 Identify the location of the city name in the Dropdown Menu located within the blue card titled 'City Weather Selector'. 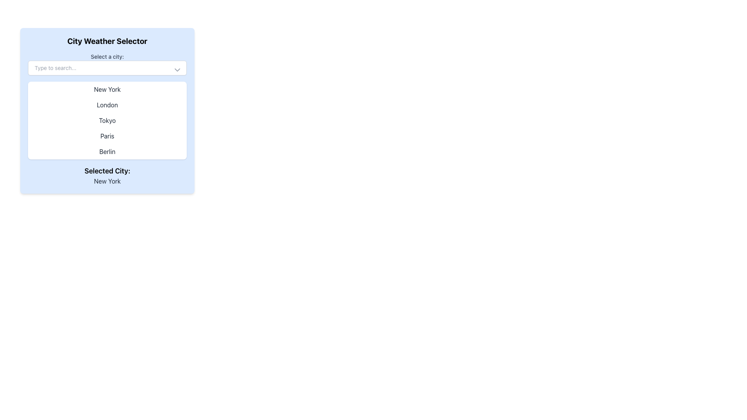
(107, 120).